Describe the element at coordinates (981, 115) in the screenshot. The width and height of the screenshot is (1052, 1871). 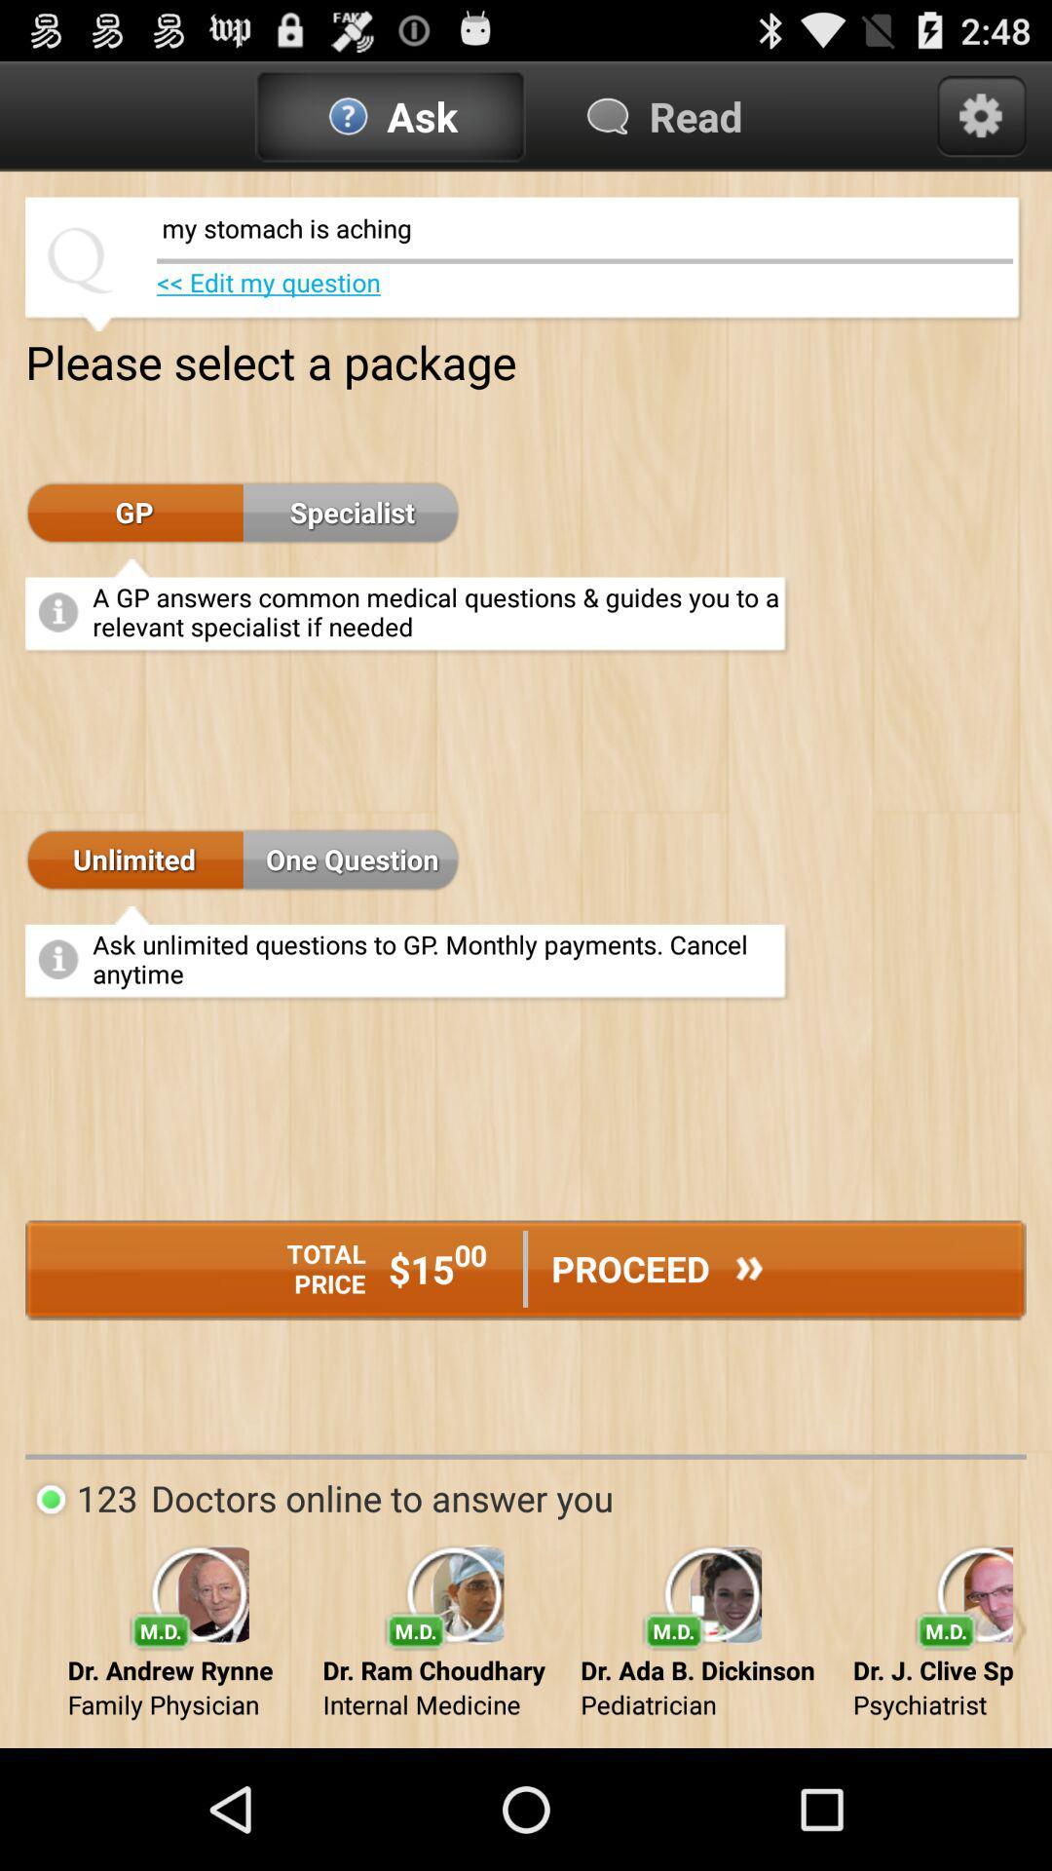
I see `settings` at that location.